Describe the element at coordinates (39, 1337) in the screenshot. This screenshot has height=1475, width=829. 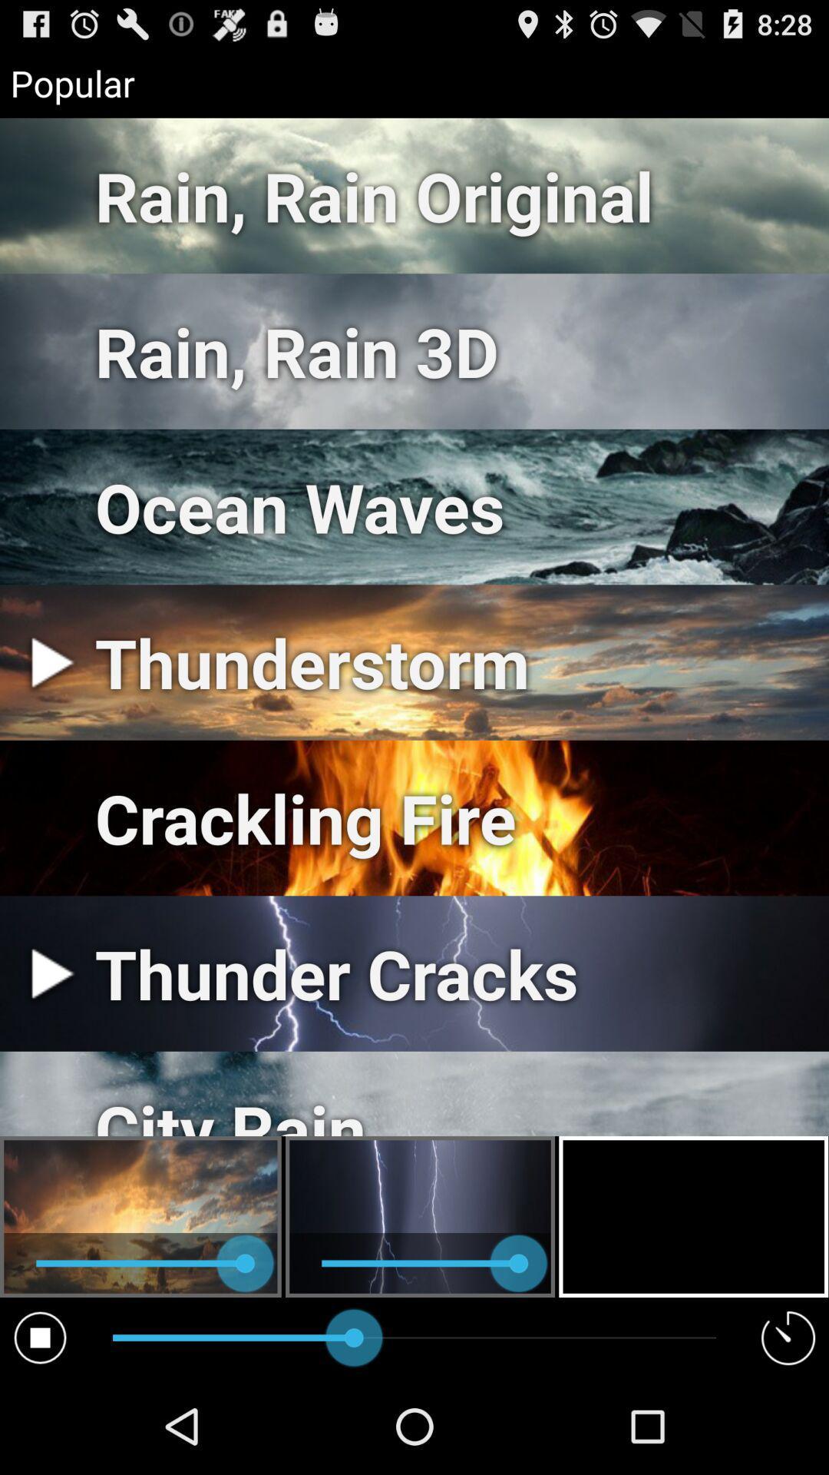
I see `the item to the left of rain on a icon` at that location.